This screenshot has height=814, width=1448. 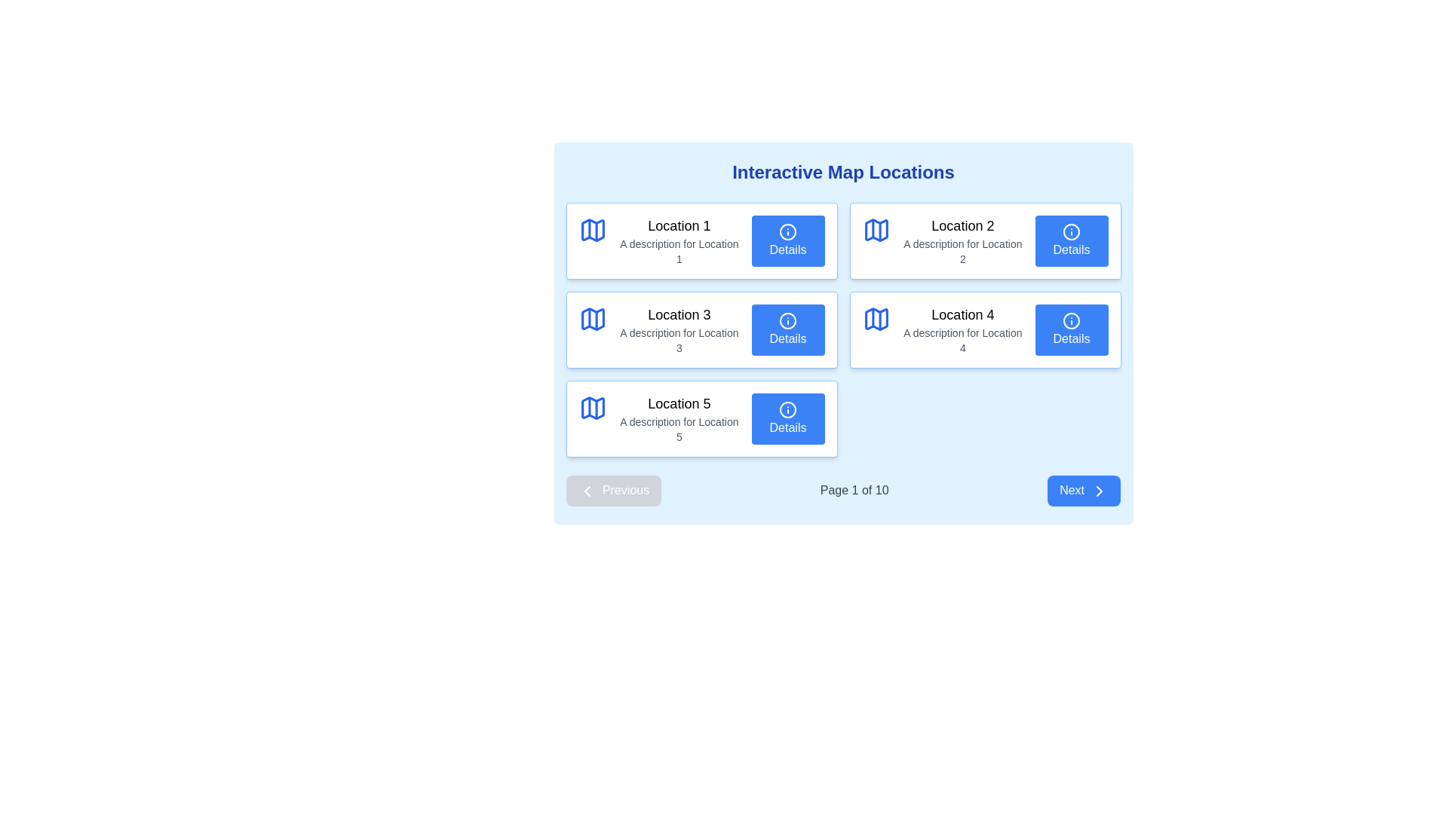 I want to click on the information icon inside the blue 'Details' button on the card labeled 'Location 4', which is located in the second row, second column of the grid layout, so click(x=1070, y=320).